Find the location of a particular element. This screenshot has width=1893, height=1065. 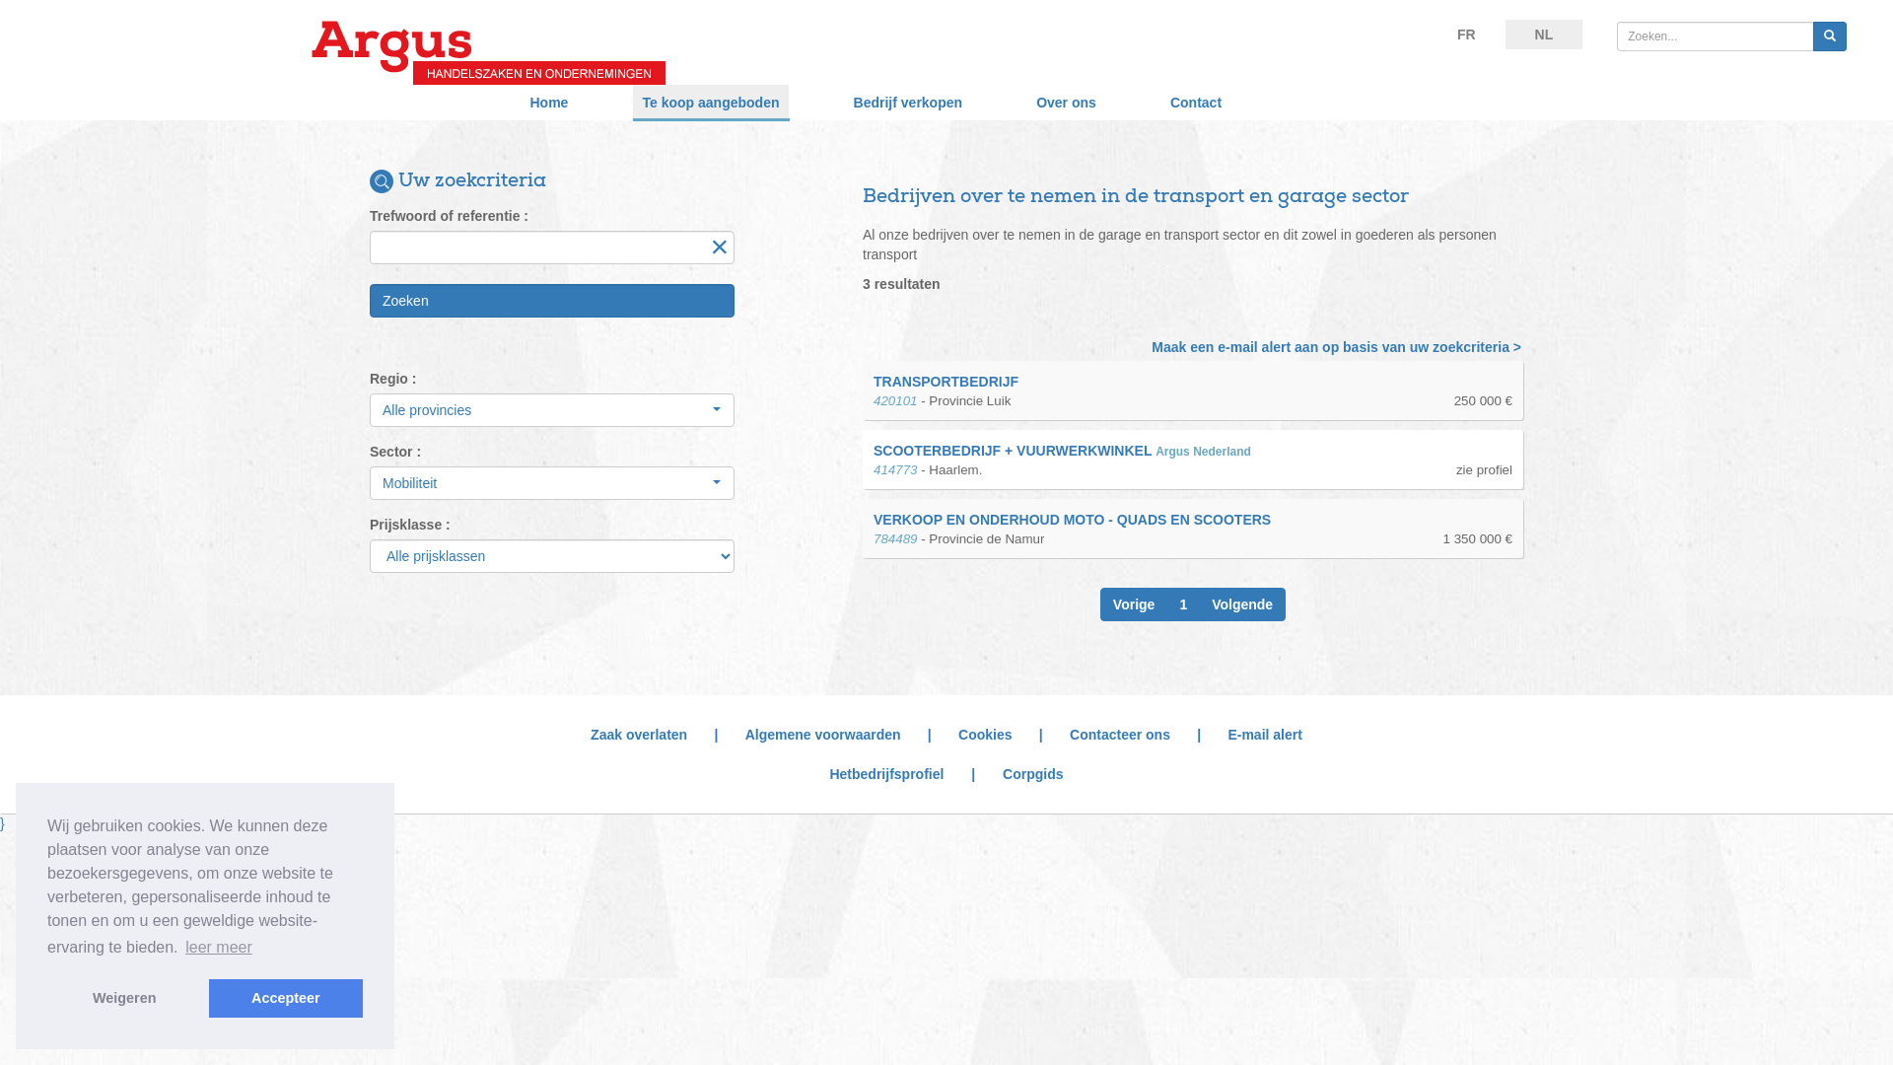

'Zoeken' is located at coordinates (369, 300).